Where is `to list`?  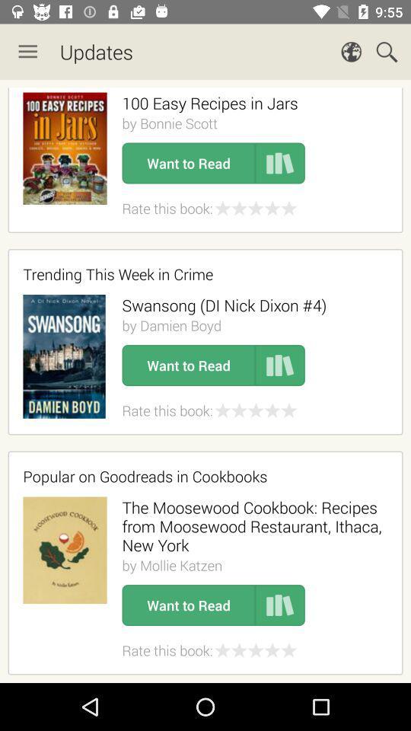 to list is located at coordinates (279, 365).